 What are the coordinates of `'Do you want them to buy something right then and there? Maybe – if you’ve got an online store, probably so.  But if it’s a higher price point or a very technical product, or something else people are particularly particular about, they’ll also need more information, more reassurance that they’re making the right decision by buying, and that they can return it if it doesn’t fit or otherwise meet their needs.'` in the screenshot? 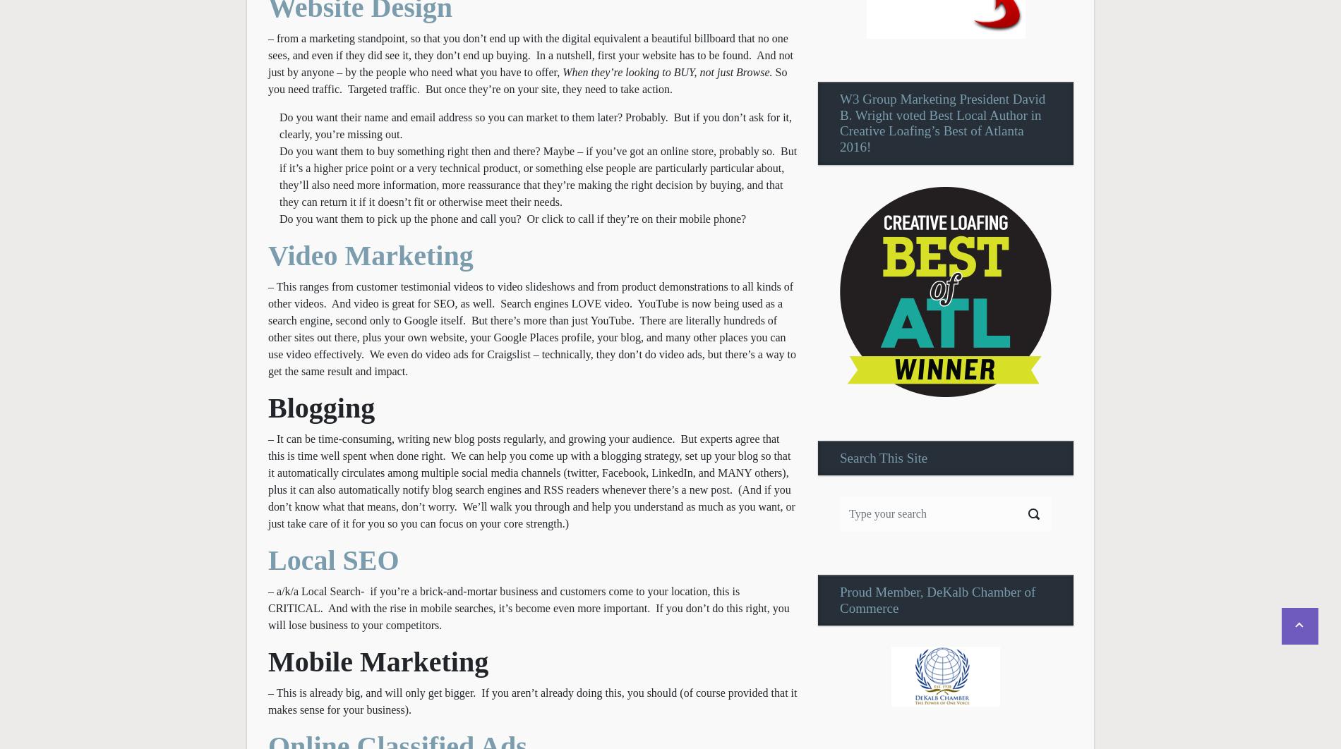 It's located at (537, 176).